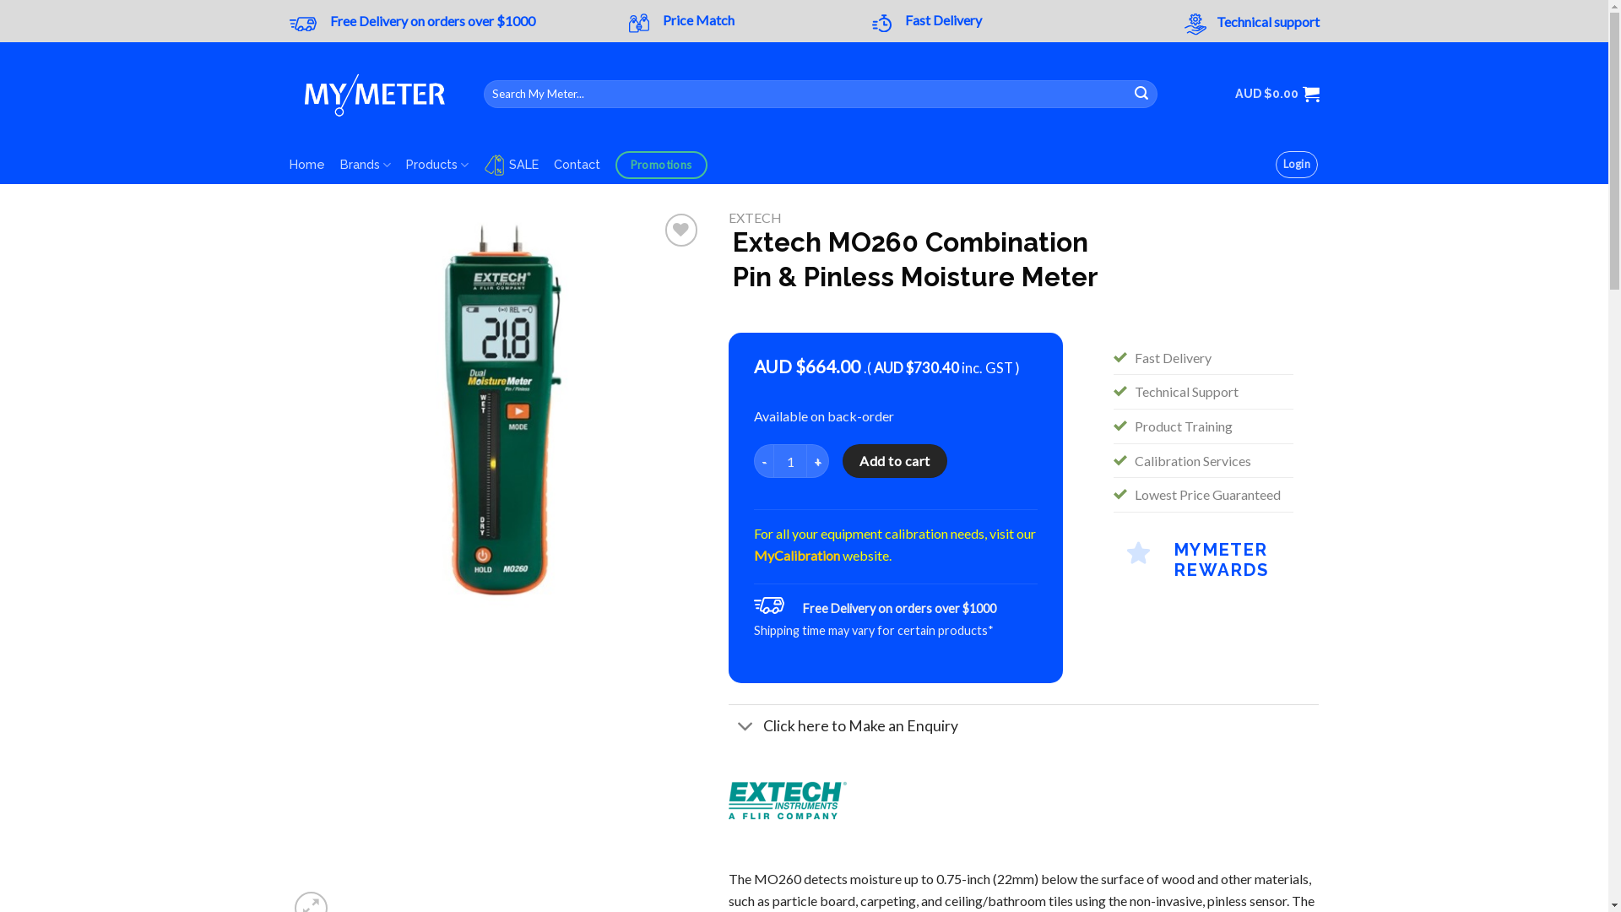  What do you see at coordinates (754, 216) in the screenshot?
I see `'EXTECH'` at bounding box center [754, 216].